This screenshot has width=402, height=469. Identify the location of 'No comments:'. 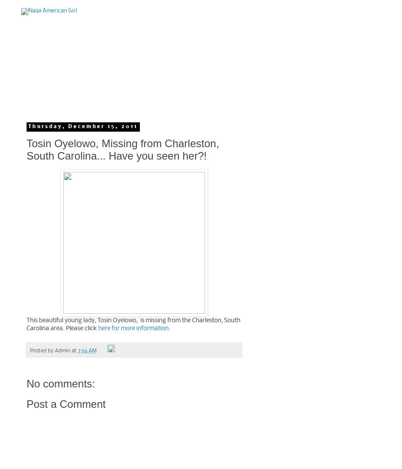
(27, 383).